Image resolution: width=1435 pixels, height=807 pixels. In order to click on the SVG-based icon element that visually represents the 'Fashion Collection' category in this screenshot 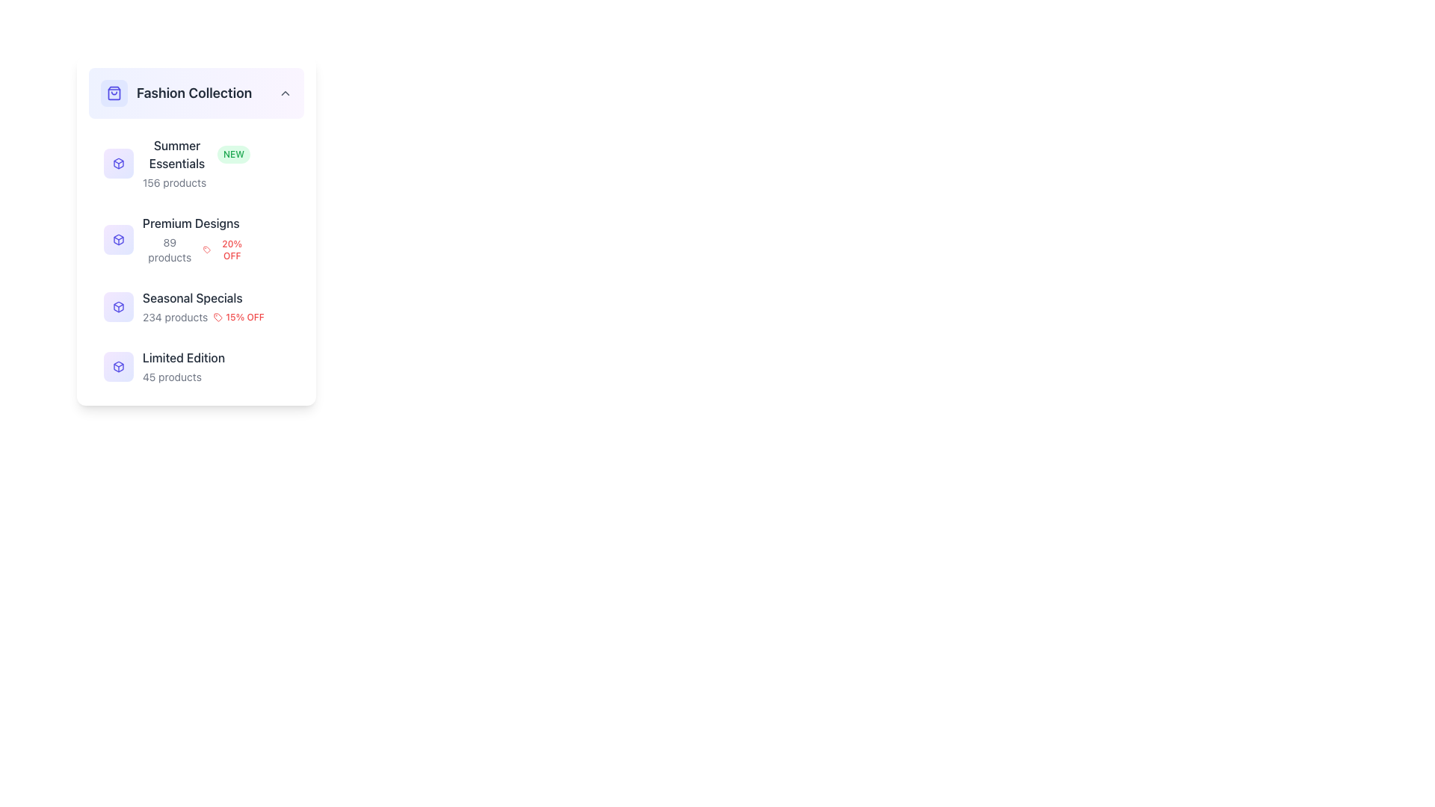, I will do `click(117, 366)`.